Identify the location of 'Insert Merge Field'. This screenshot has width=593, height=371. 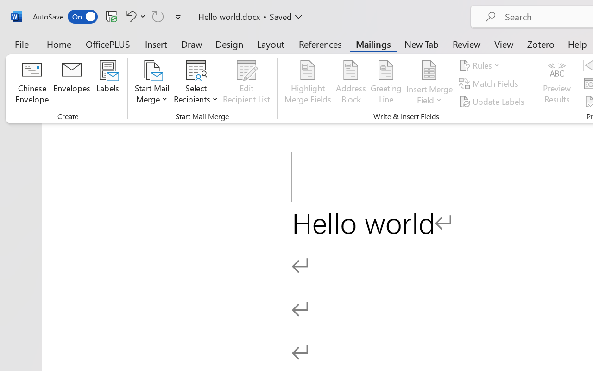
(429, 83).